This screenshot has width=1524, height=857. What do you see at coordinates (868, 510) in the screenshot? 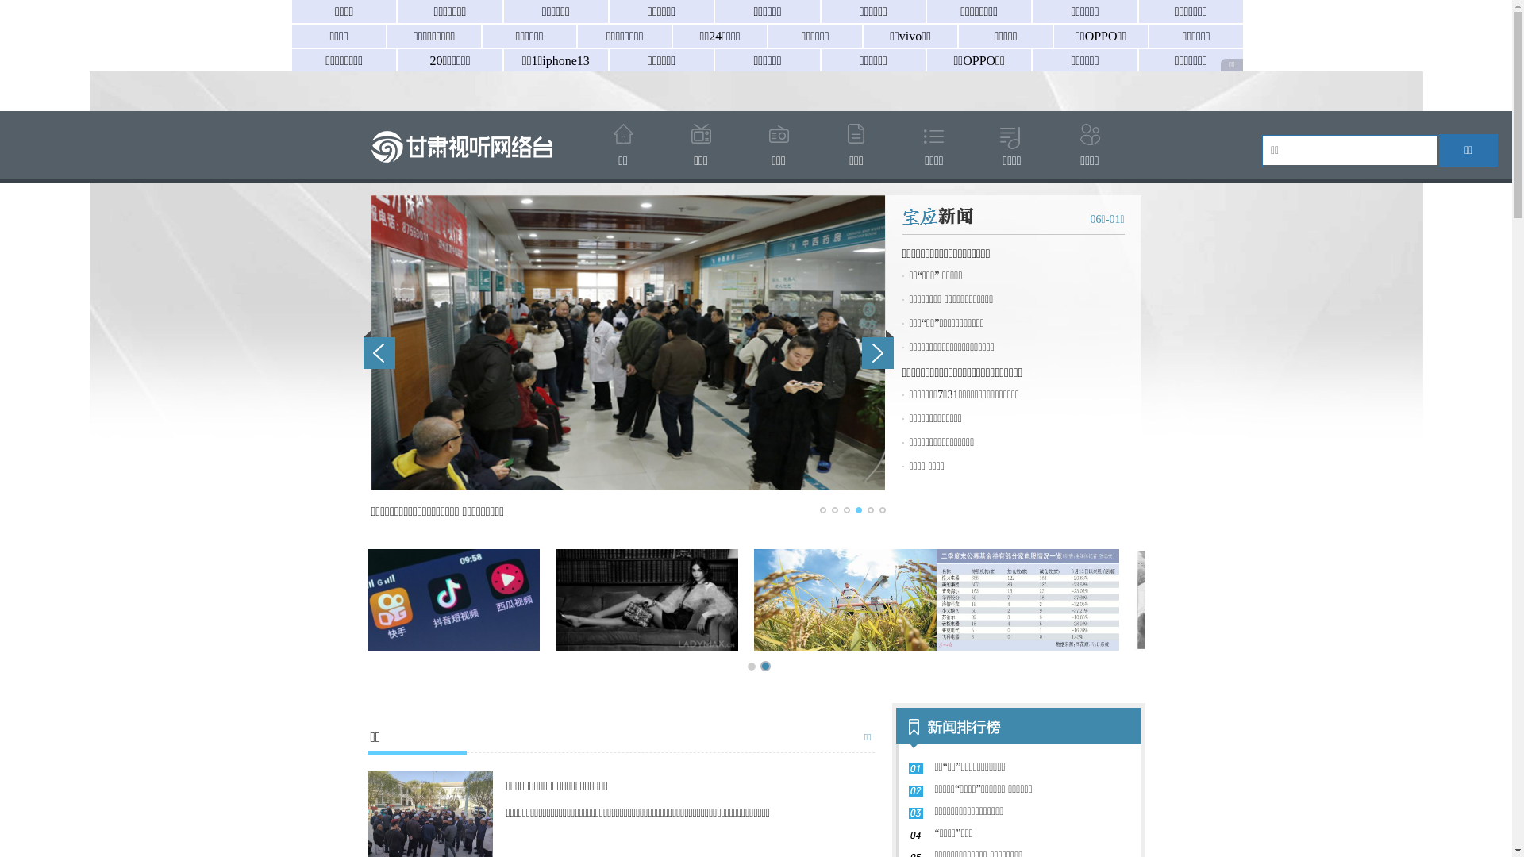
I see `'5'` at bounding box center [868, 510].